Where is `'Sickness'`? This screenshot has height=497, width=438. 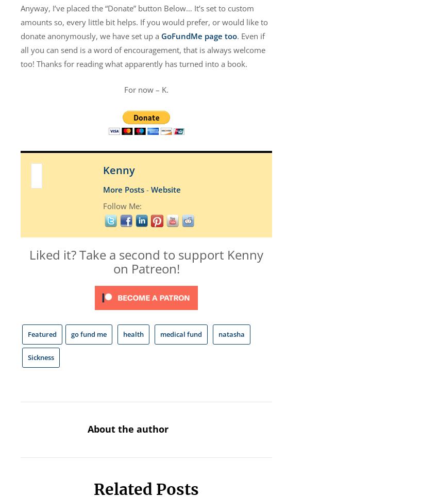
'Sickness' is located at coordinates (41, 357).